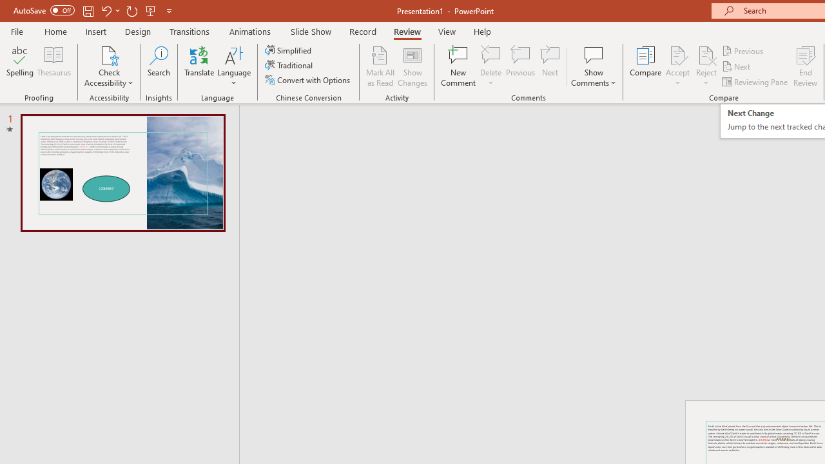 The image size is (825, 464). Describe the element at coordinates (199, 66) in the screenshot. I see `'Translate'` at that location.